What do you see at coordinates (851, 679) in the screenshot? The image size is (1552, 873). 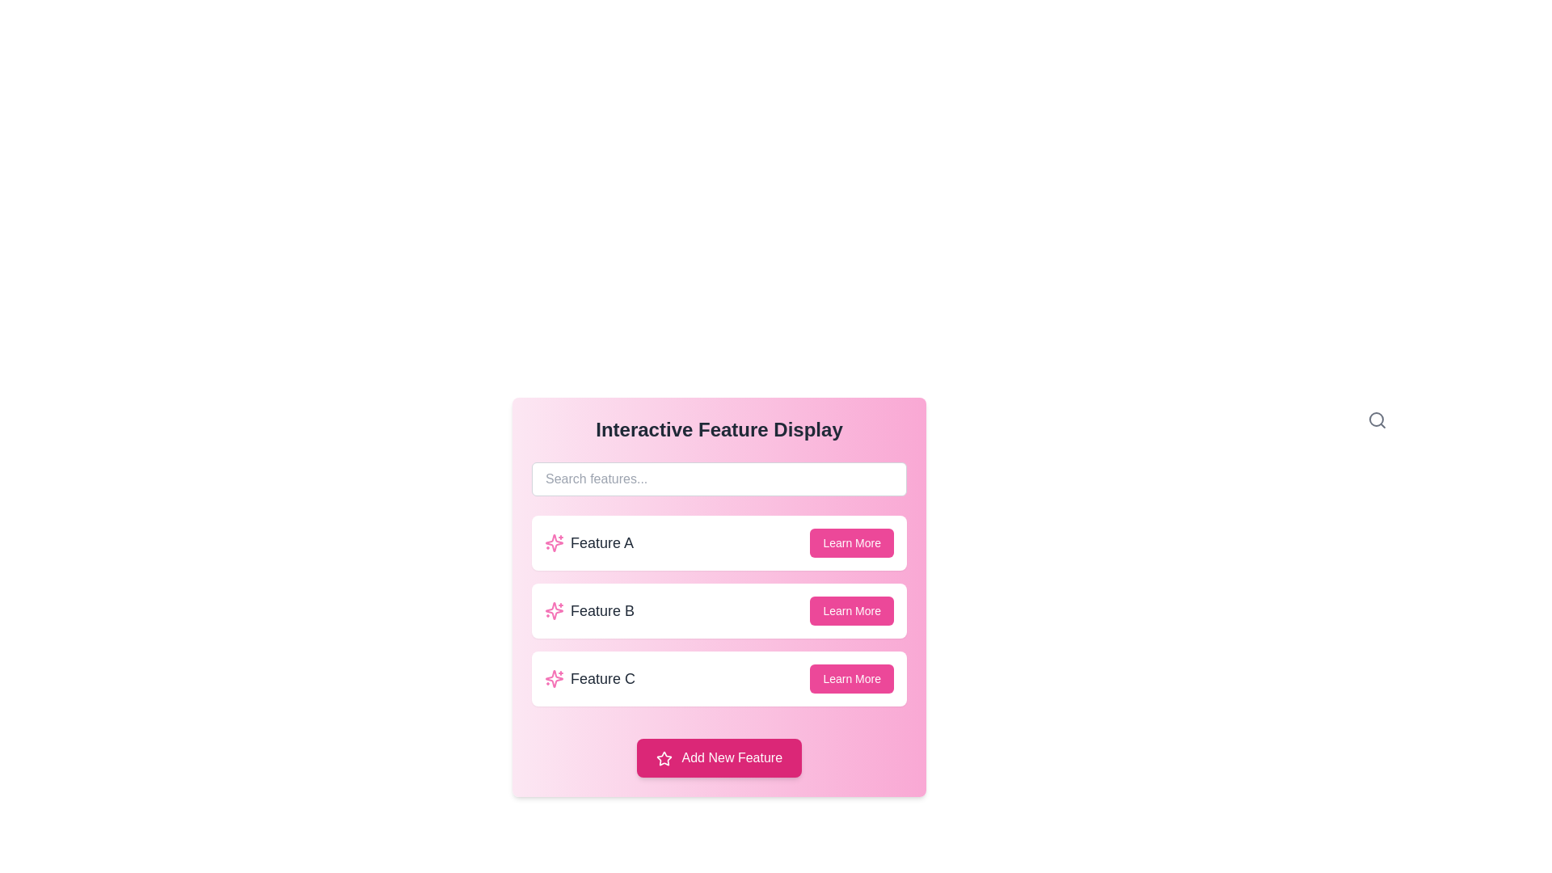 I see `the 'Learn More' button with a pink background located in the bottom right corner of the 'Feature C' card` at bounding box center [851, 679].